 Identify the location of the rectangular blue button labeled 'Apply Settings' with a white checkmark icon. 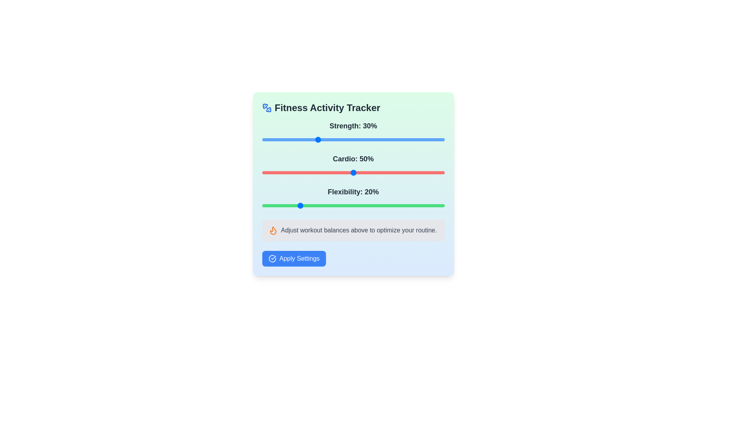
(293, 259).